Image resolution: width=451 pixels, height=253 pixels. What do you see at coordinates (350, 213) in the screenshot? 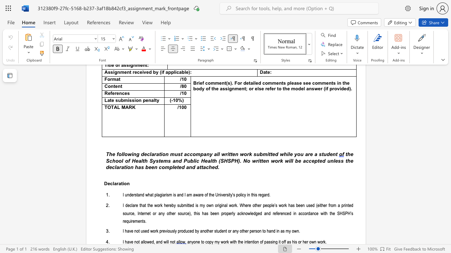
I see `the subset text "’s" within the text "the SHSPH’s"` at bounding box center [350, 213].